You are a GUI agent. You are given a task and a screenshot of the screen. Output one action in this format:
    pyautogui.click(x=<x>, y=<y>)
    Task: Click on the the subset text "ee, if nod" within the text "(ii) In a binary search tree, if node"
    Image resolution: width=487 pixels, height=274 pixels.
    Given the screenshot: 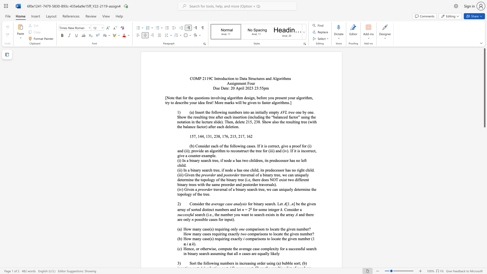 What is the action you would take?
    pyautogui.click(x=216, y=170)
    